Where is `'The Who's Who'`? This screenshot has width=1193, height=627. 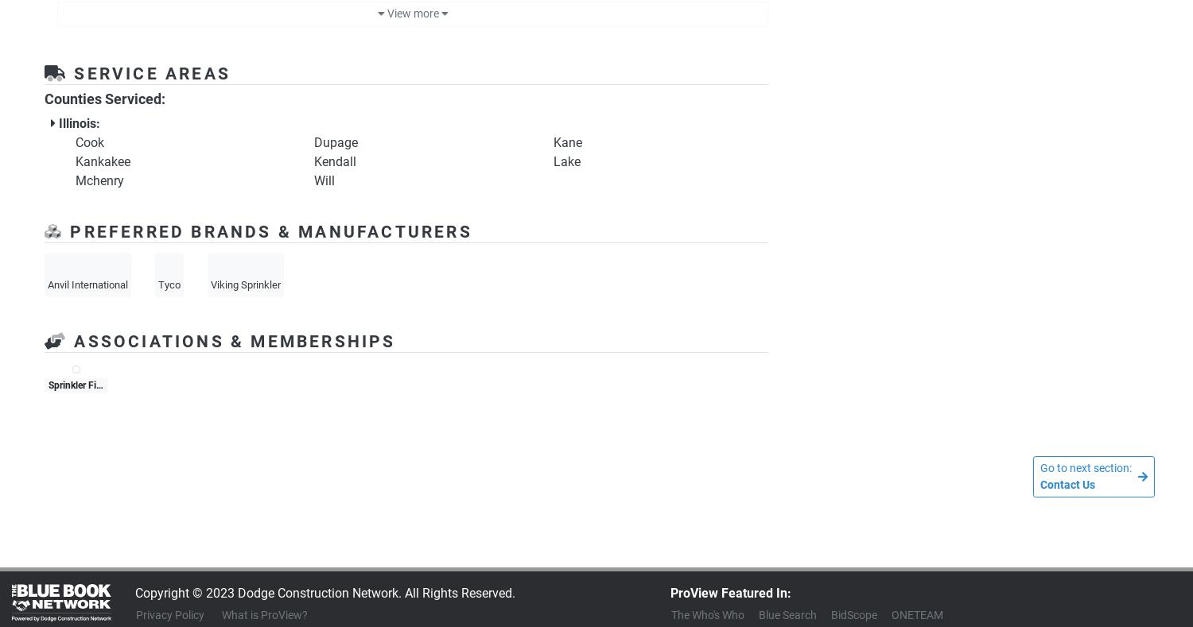
'The Who's Who' is located at coordinates (670, 615).